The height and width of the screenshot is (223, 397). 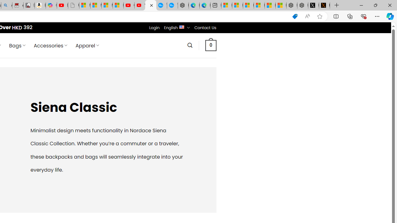 What do you see at coordinates (51, 5) in the screenshot?
I see `'Copilot'` at bounding box center [51, 5].